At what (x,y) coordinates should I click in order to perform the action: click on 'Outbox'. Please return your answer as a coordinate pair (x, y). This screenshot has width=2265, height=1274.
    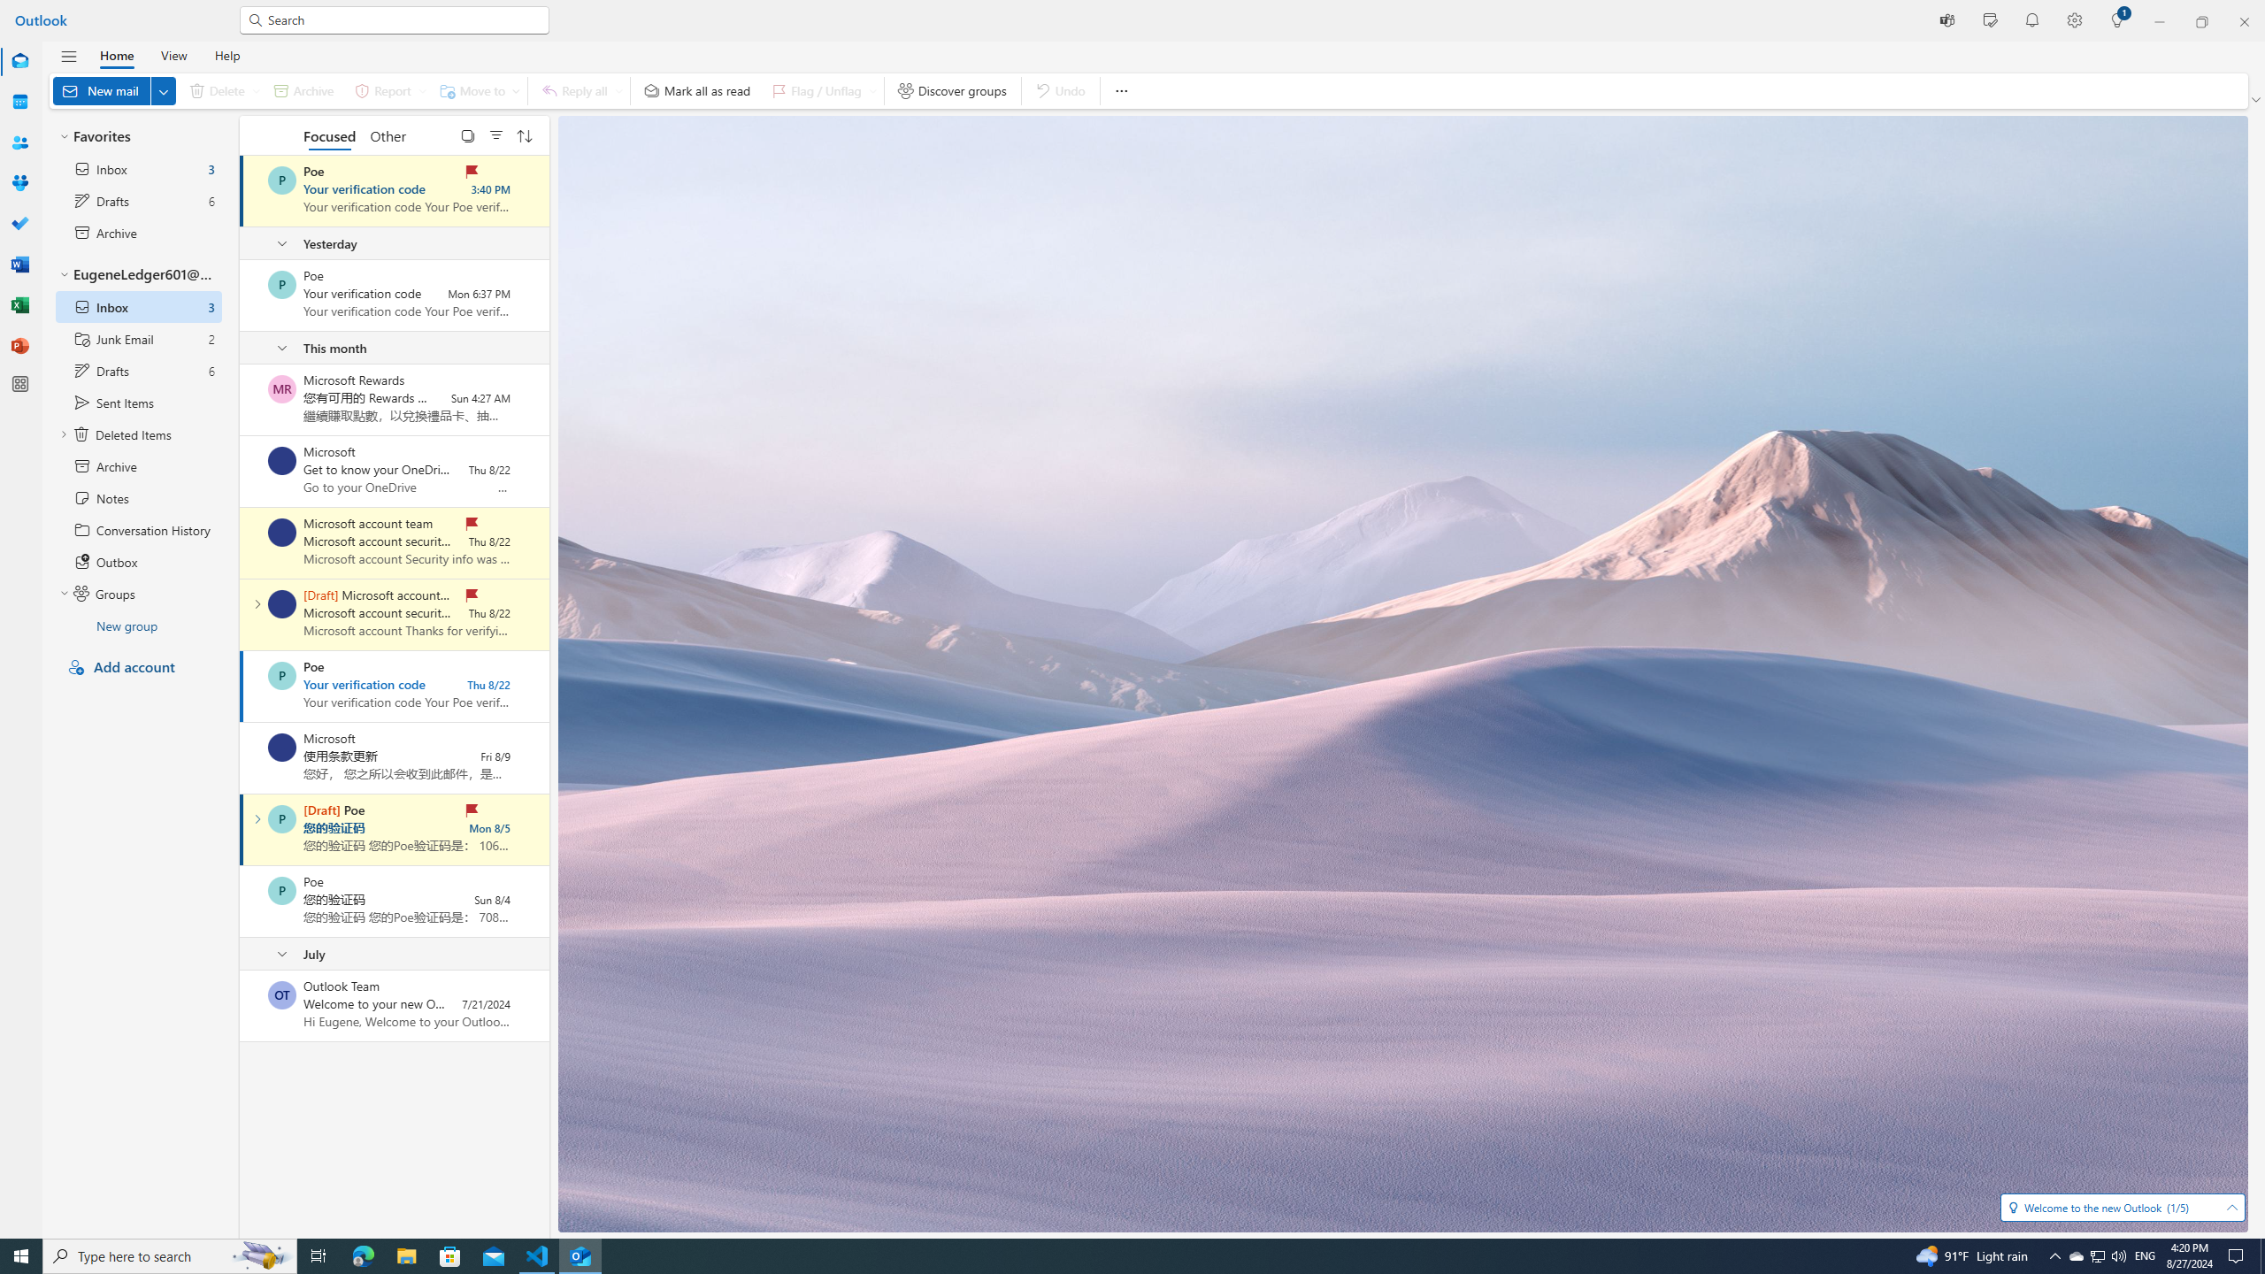
    Looking at the image, I should click on (138, 560).